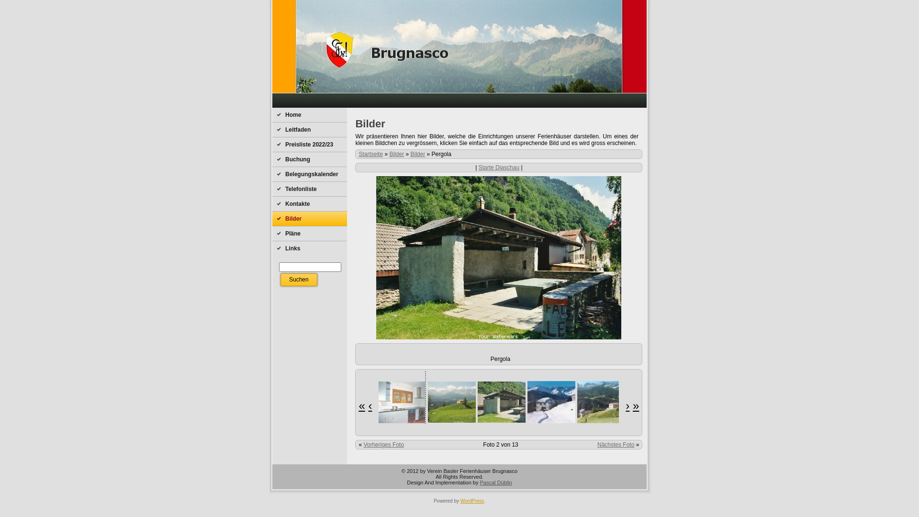 This screenshot has width=919, height=517. I want to click on 'Starte Diaschau', so click(498, 167).